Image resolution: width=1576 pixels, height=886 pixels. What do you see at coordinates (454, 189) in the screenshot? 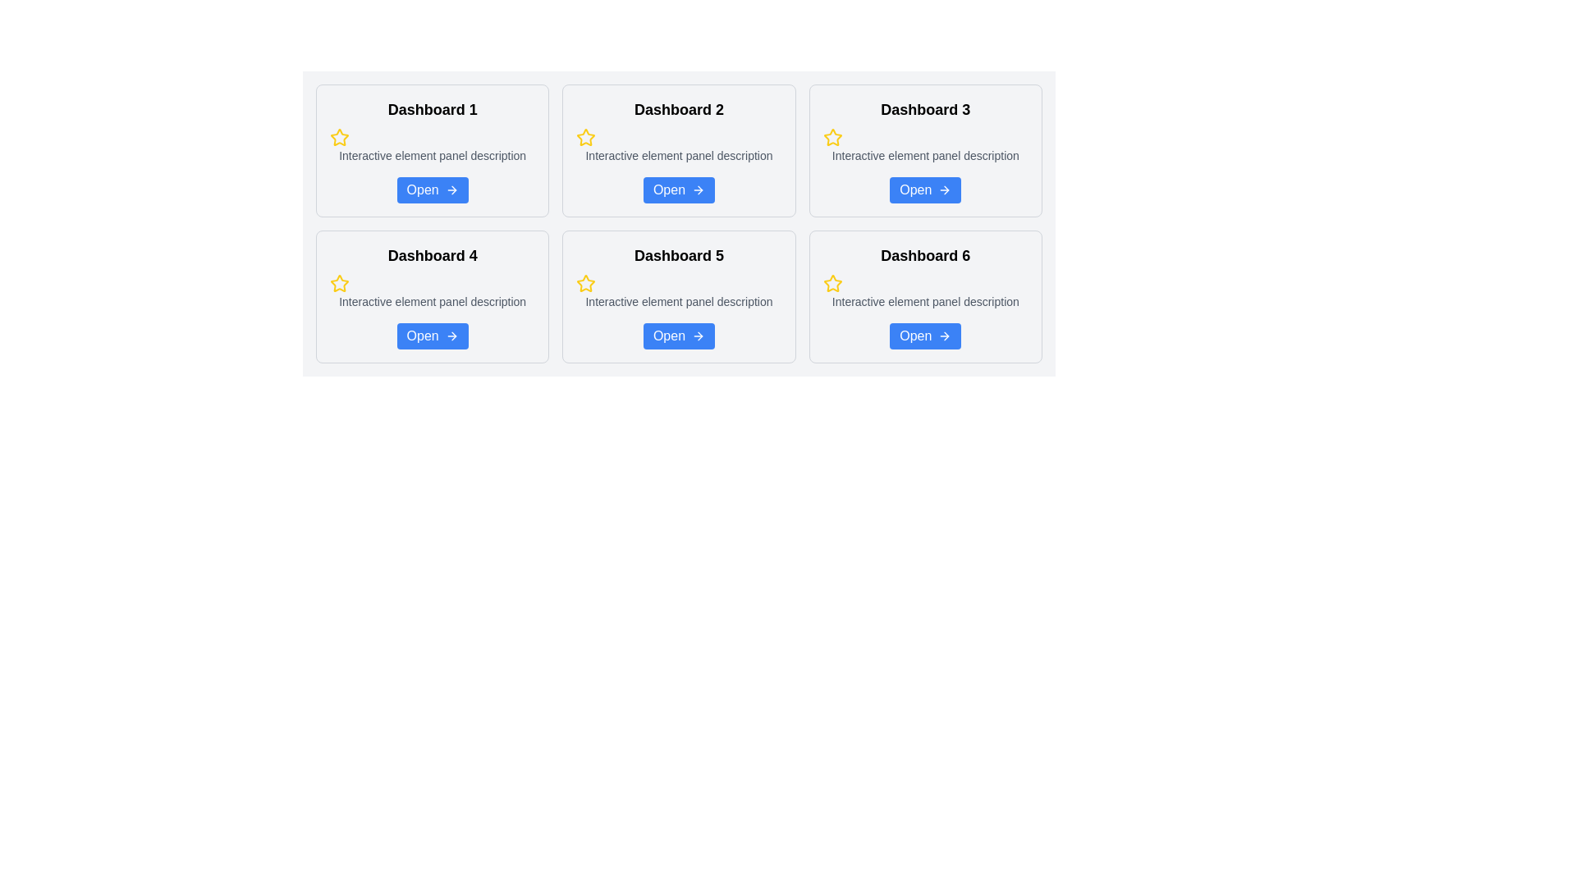
I see `the arrow icon located in the 'Open' button, which indicates forward functionality within the second row, first column of the grid` at bounding box center [454, 189].